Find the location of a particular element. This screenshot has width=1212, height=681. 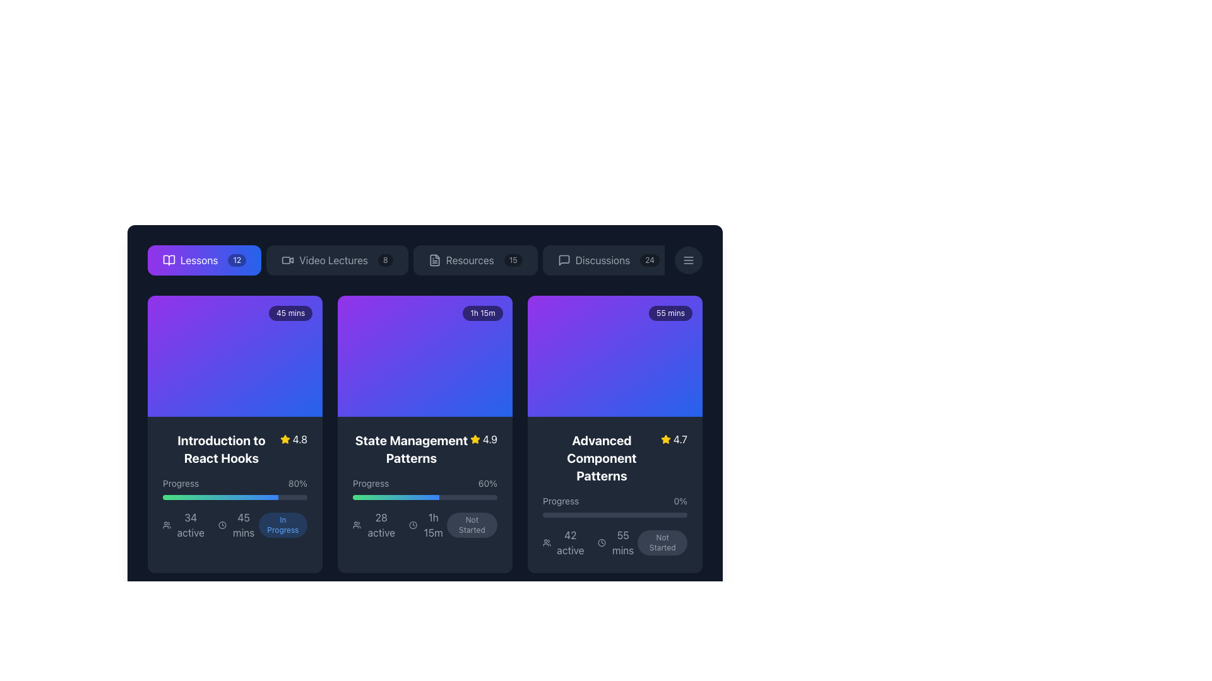

the fourth button in the row of interactive buttons near the top of the interface is located at coordinates (609, 259).